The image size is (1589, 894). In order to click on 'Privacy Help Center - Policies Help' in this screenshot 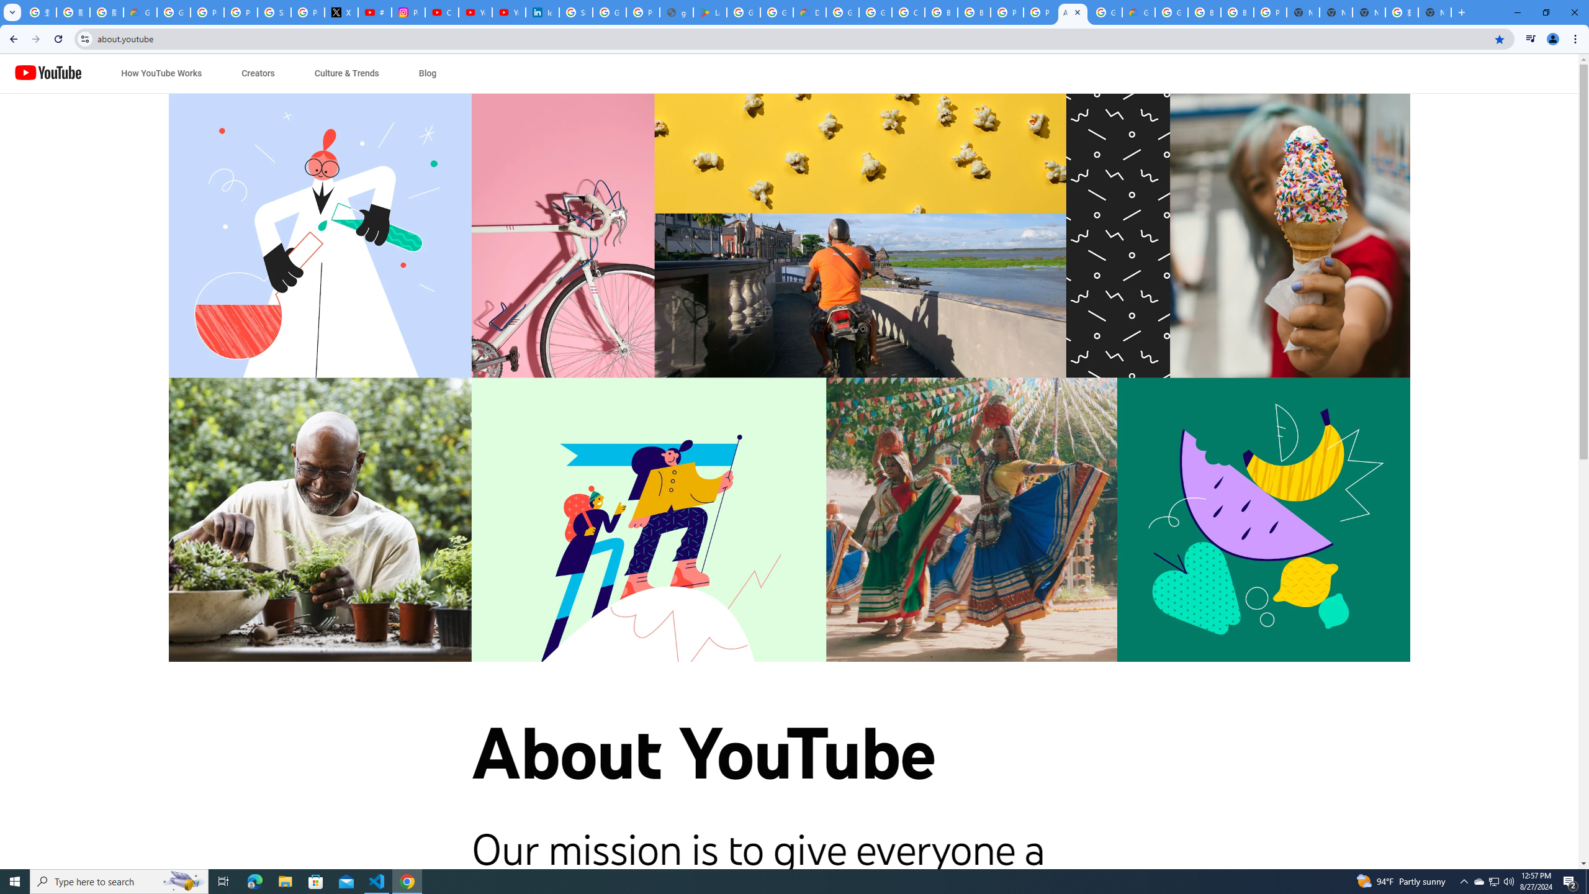, I will do `click(241, 12)`.